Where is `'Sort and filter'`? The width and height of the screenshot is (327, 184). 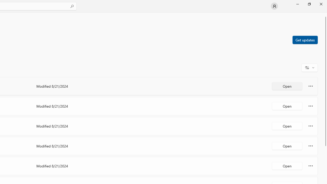 'Sort and filter' is located at coordinates (309, 67).